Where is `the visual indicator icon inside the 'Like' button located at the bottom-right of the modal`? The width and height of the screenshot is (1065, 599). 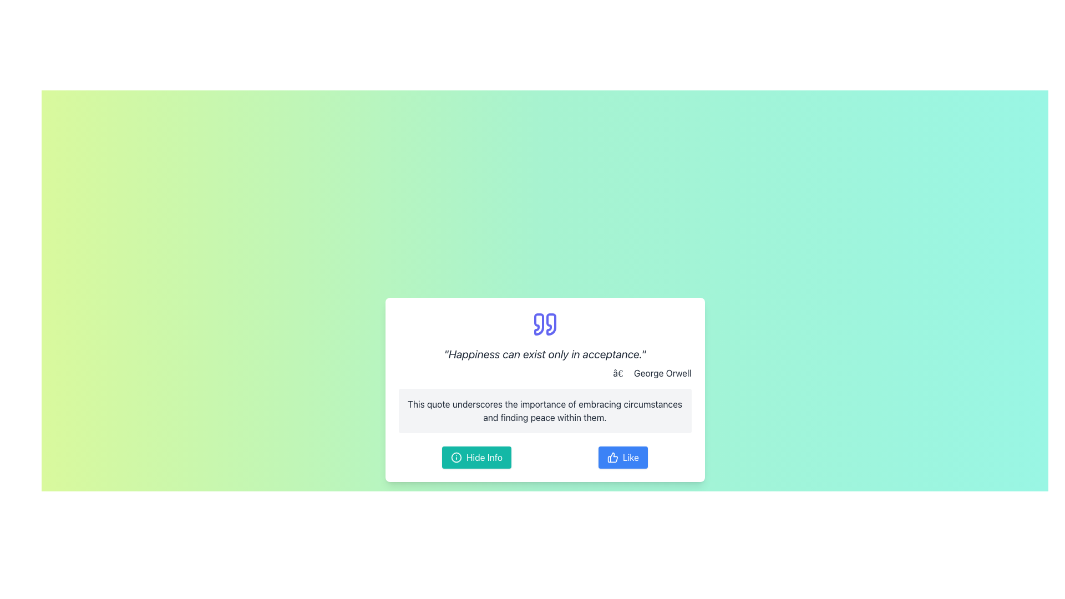 the visual indicator icon inside the 'Like' button located at the bottom-right of the modal is located at coordinates (612, 458).